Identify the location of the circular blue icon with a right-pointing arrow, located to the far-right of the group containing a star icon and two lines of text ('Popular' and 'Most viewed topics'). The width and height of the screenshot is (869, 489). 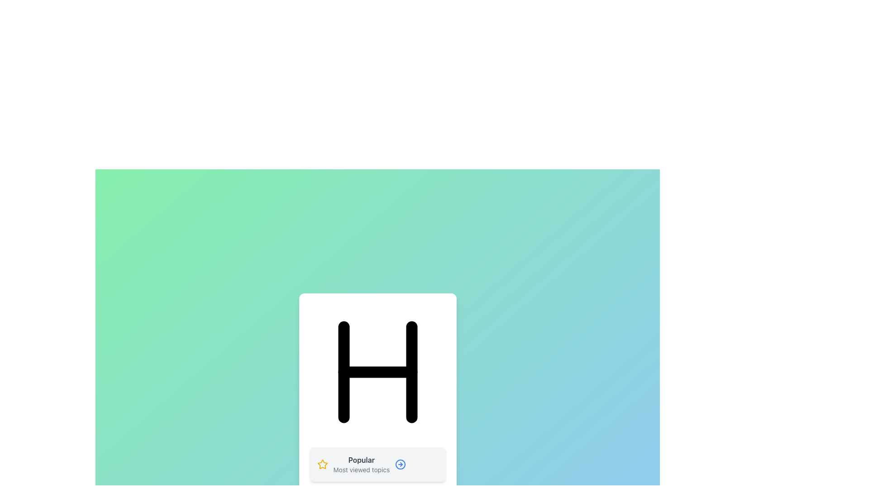
(400, 465).